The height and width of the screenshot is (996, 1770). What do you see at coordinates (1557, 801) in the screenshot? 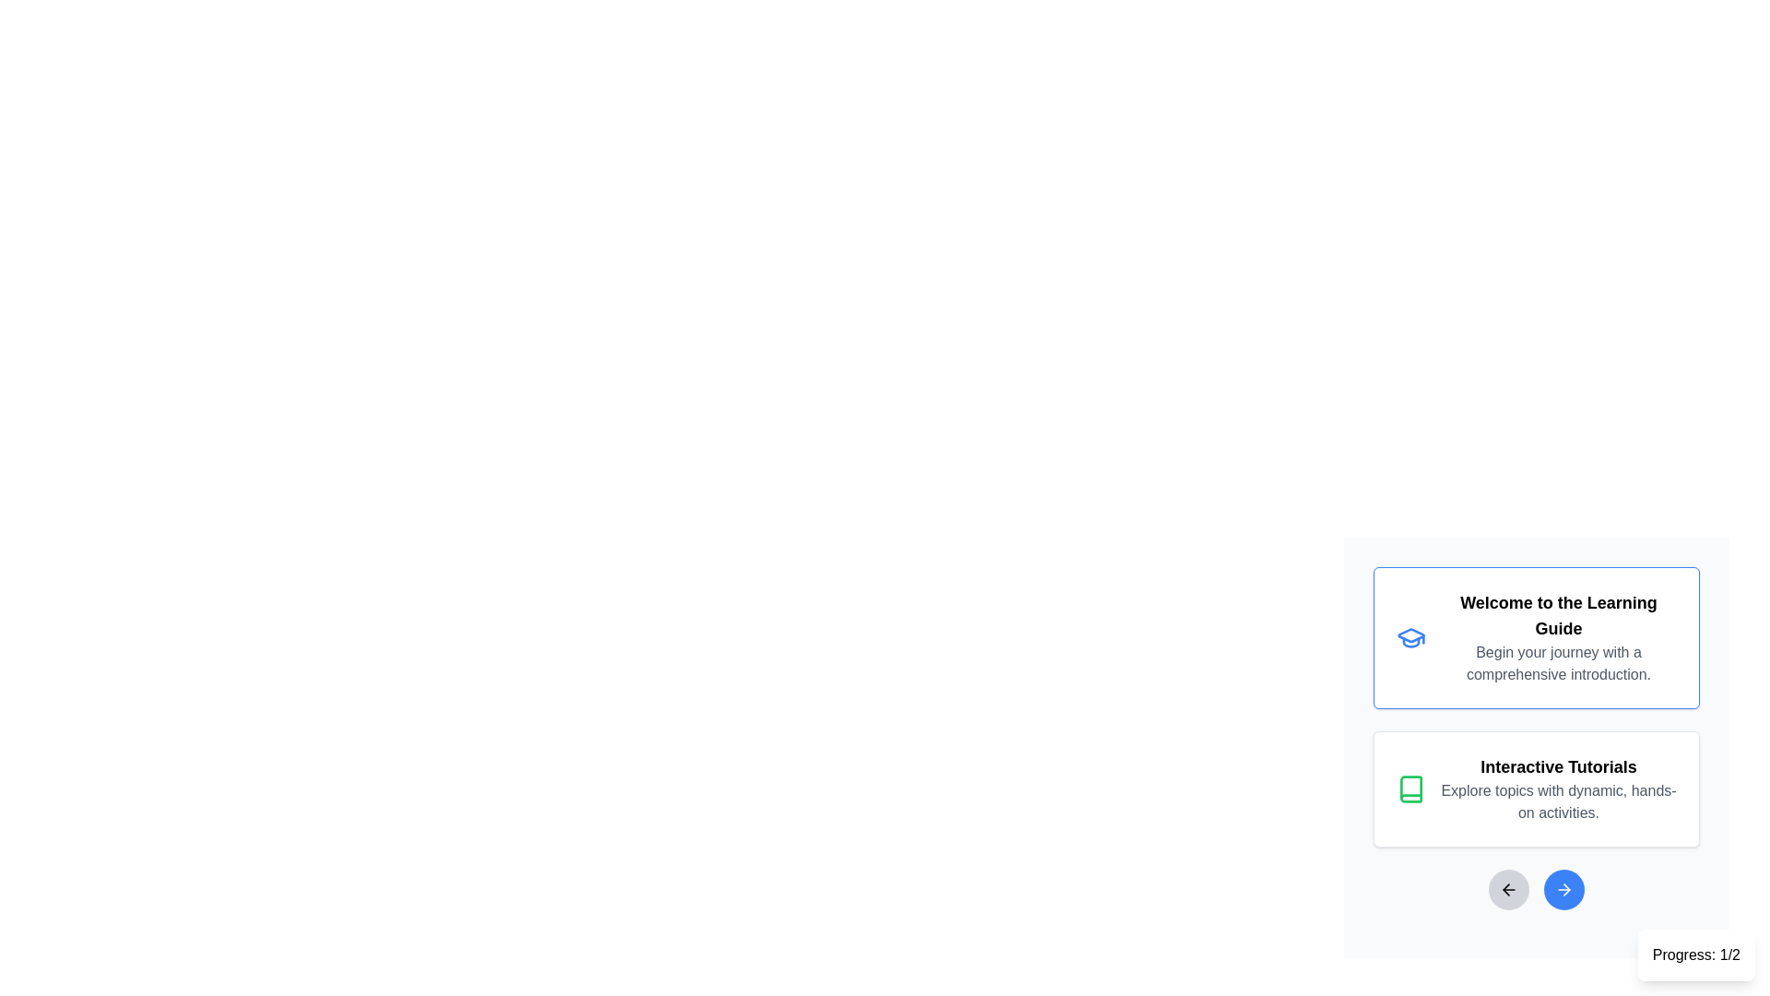
I see `text label that says 'Explore topics with dynamic, hands-on activities.' which is styled with grey color and located below the title 'Interactive Tutorials.'` at bounding box center [1557, 801].